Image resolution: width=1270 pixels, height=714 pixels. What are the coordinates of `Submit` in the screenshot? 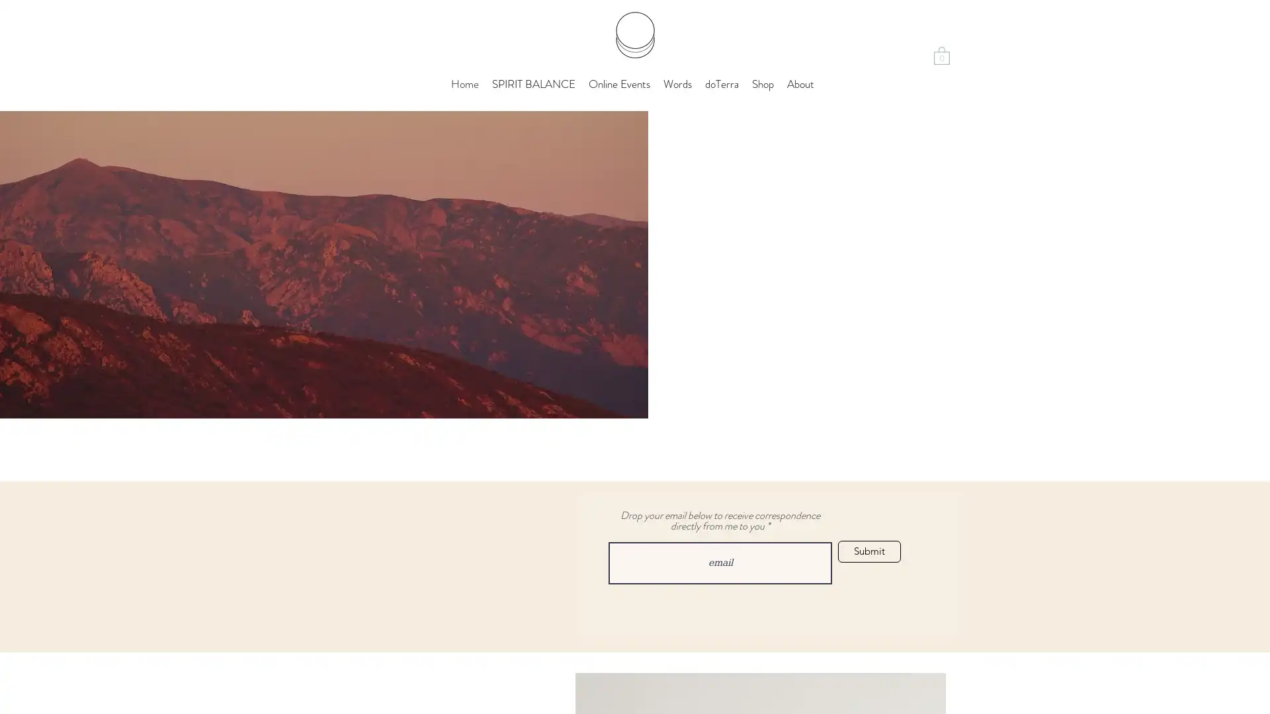 It's located at (869, 551).